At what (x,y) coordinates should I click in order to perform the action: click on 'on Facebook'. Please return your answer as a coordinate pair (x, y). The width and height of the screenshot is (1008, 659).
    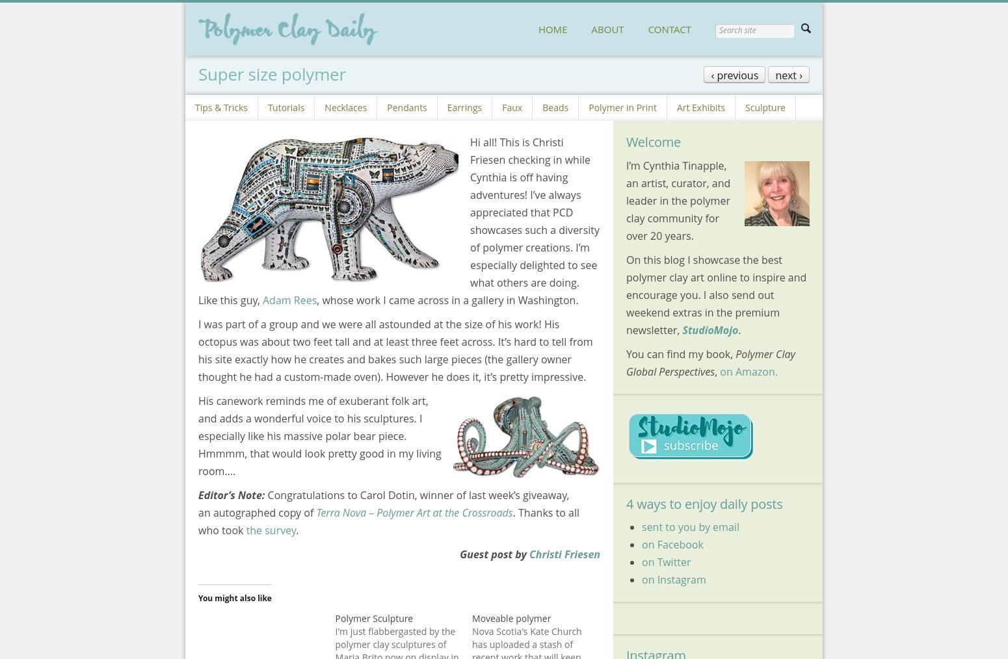
    Looking at the image, I should click on (672, 544).